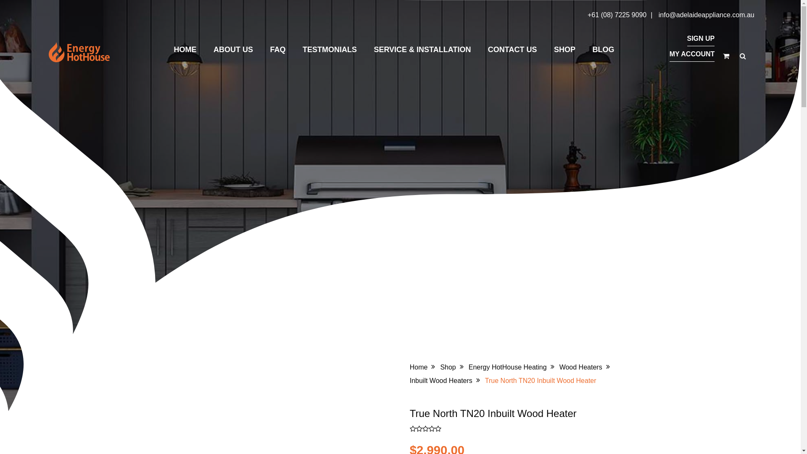 This screenshot has width=807, height=454. Describe the element at coordinates (329, 50) in the screenshot. I see `'TESTMONIALS'` at that location.